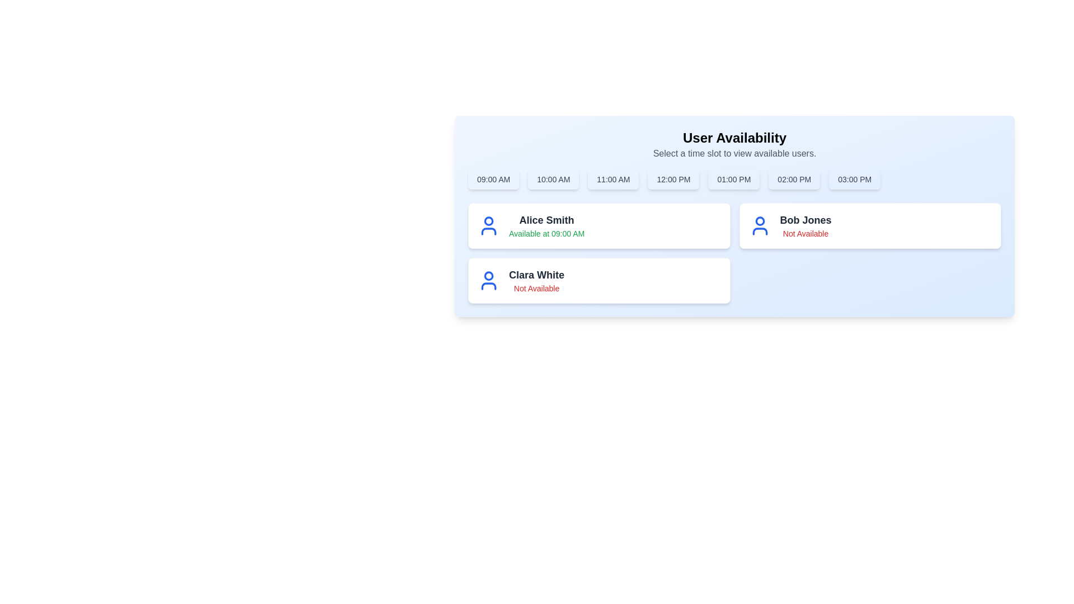  I want to click on the availability status information card located in the top left of the grid layout, so click(599, 226).